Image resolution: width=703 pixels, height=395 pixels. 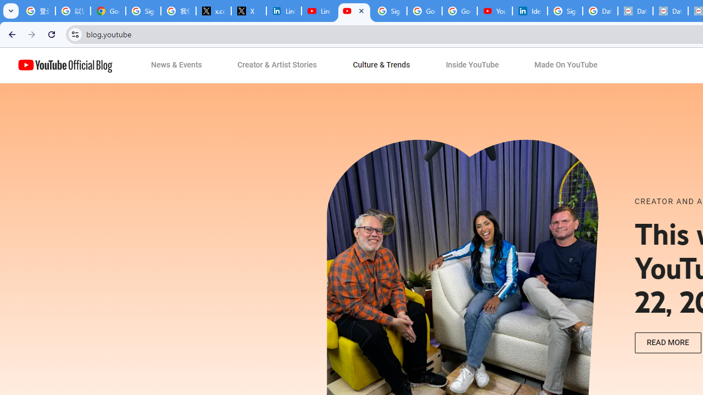 What do you see at coordinates (382, 65) in the screenshot?
I see `'Culture & Trends'` at bounding box center [382, 65].